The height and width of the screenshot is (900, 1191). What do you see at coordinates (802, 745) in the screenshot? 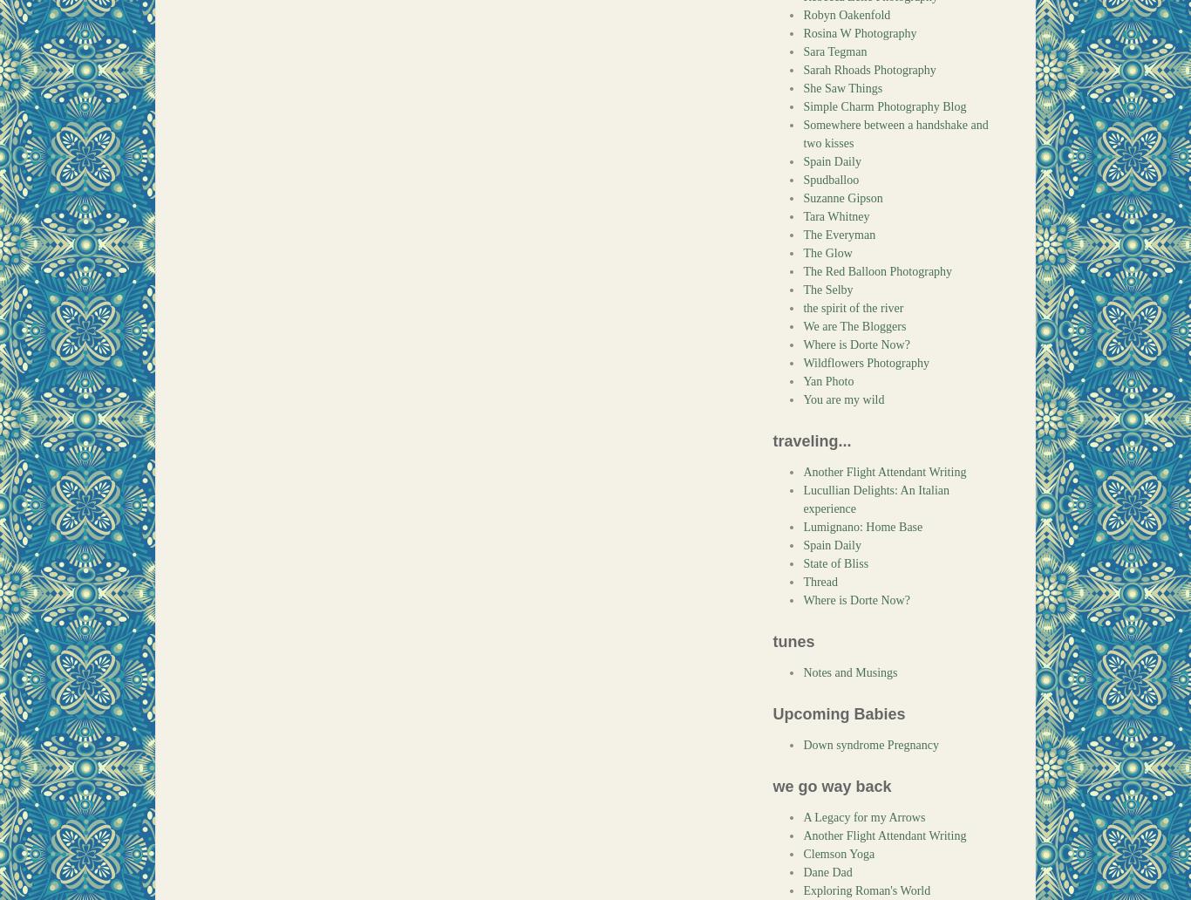
I see `'Down syndrome Pregnancy'` at bounding box center [802, 745].